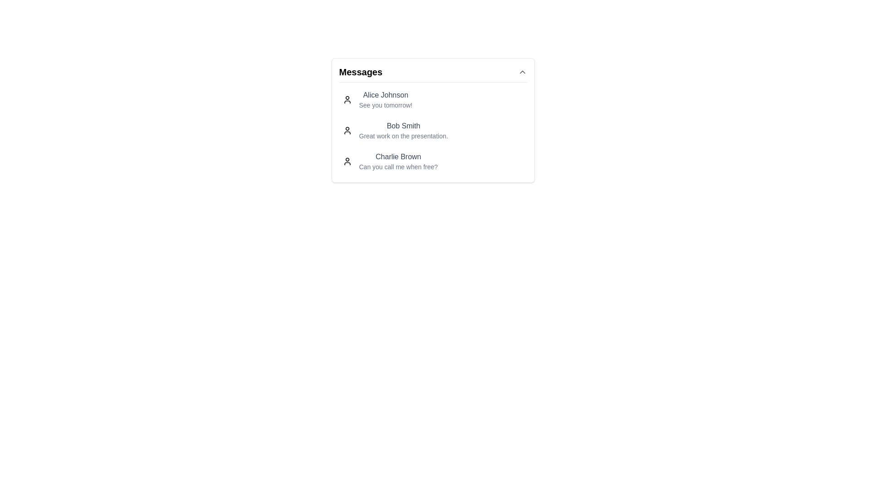 Image resolution: width=871 pixels, height=490 pixels. I want to click on the middle message entry related to Bob Smith in the Messages display component for interaction, so click(432, 120).